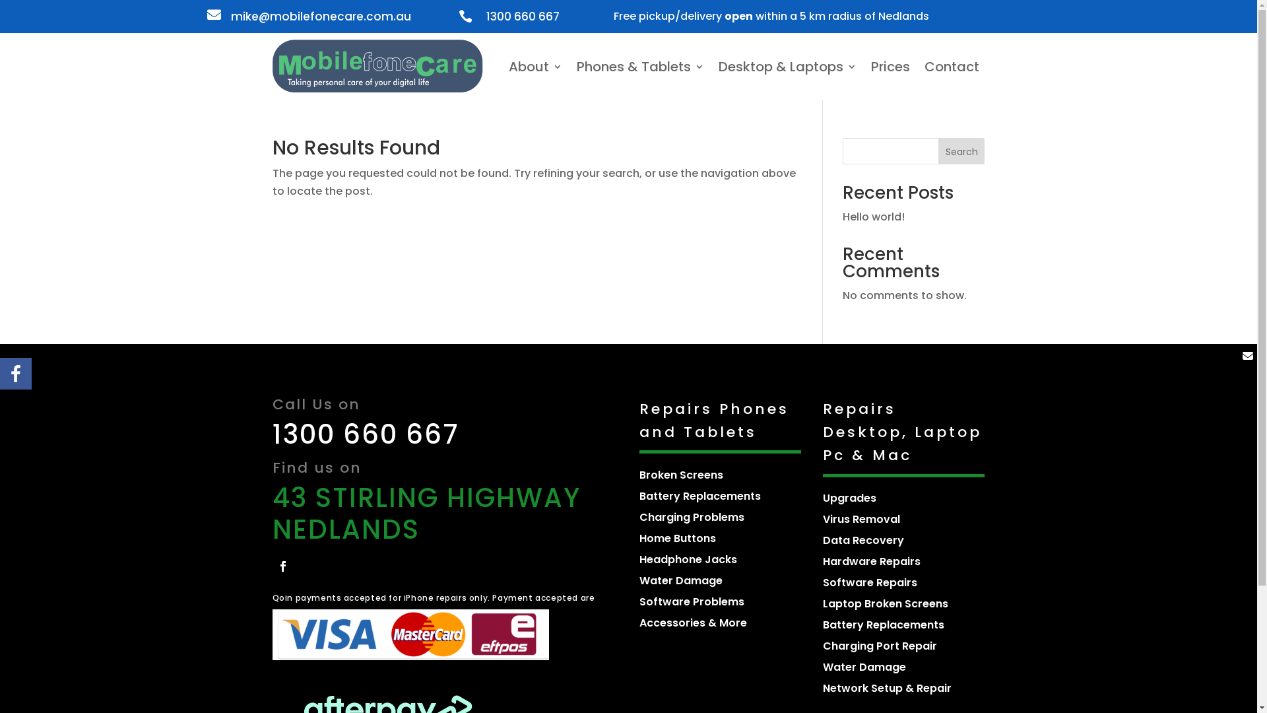  Describe the element at coordinates (681, 474) in the screenshot. I see `'Broken Screens'` at that location.